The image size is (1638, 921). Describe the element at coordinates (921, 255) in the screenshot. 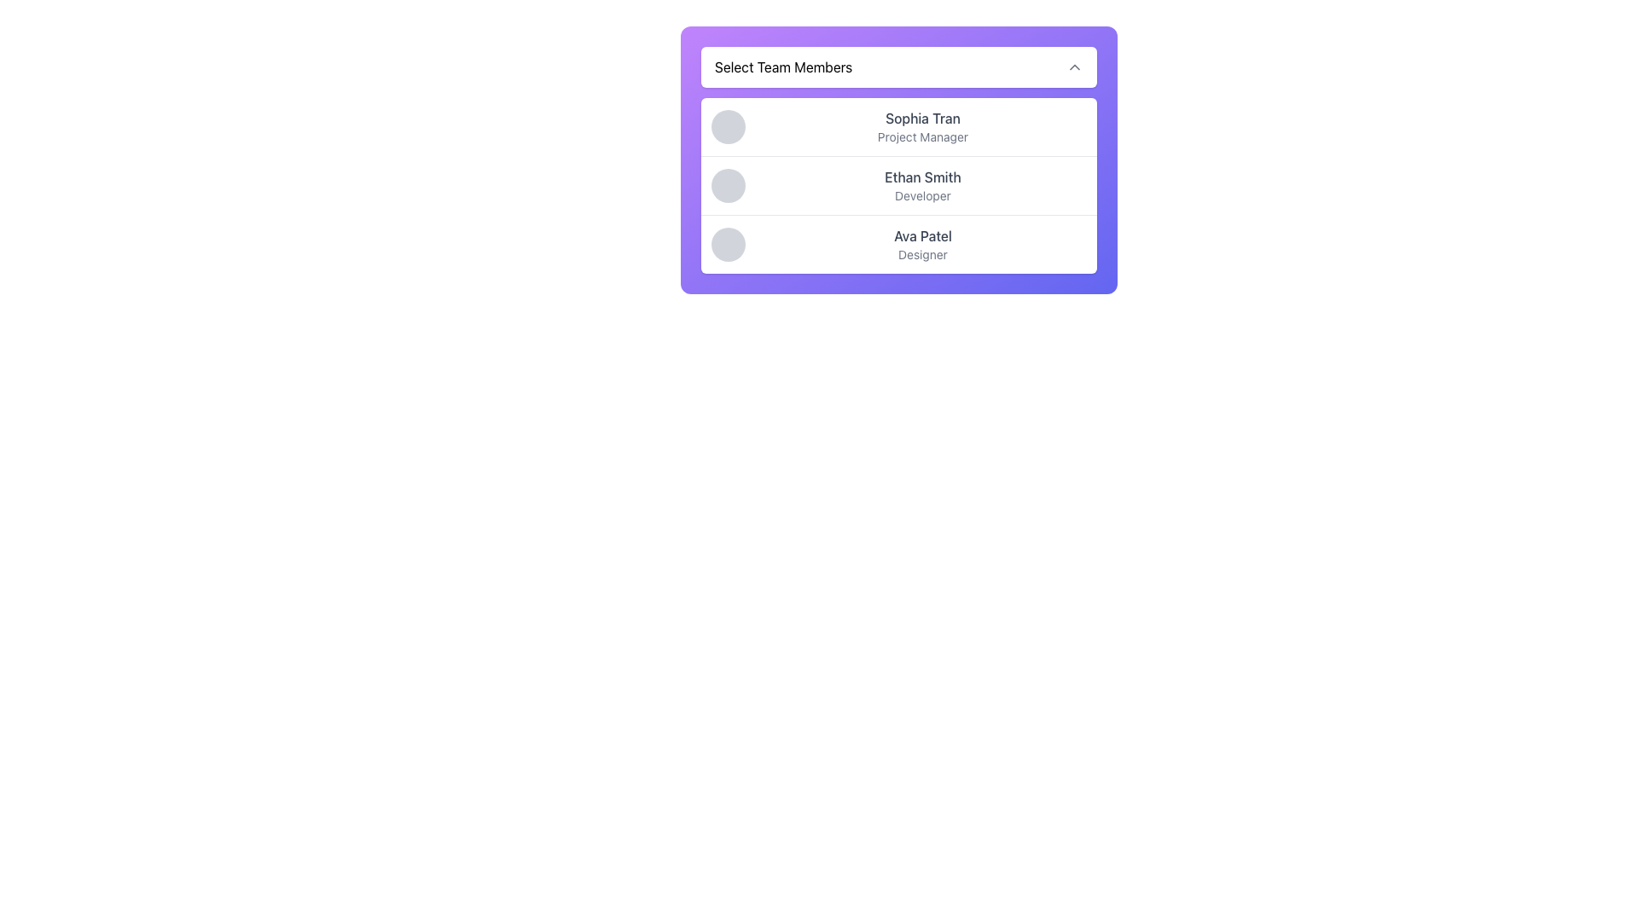

I see `the text label displaying 'Designer' in subtle gray font, located in the third user card under the bold name 'Ava Patel'` at that location.